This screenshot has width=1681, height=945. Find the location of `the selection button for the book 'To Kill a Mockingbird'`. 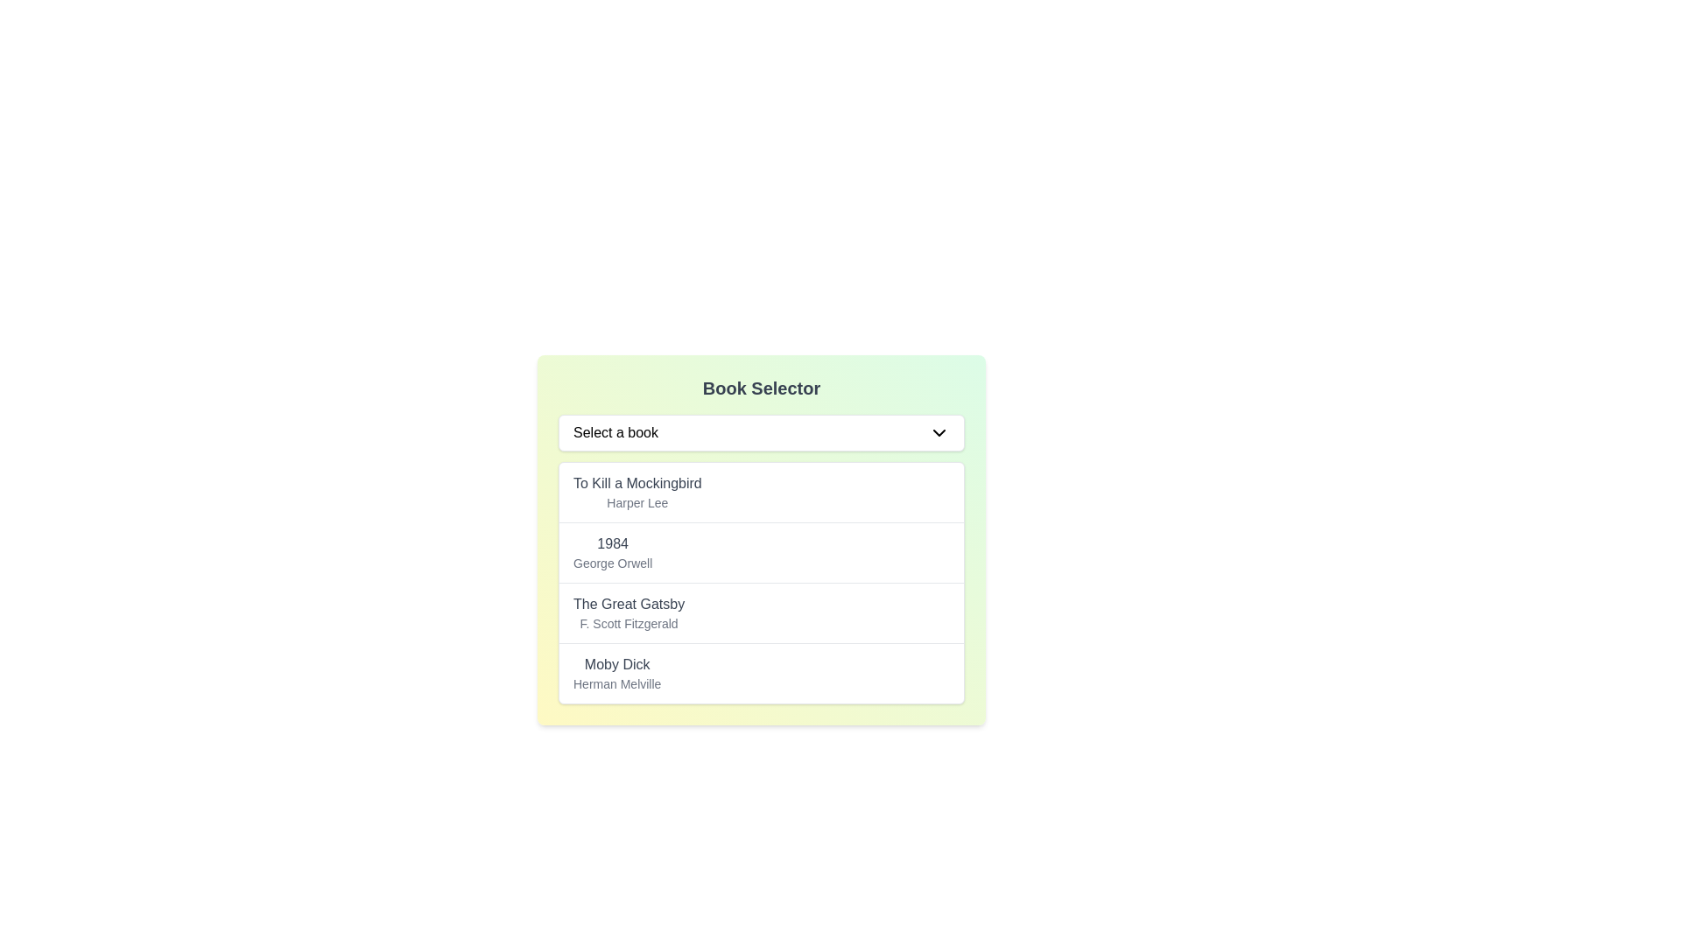

the selection button for the book 'To Kill a Mockingbird' is located at coordinates (761, 493).